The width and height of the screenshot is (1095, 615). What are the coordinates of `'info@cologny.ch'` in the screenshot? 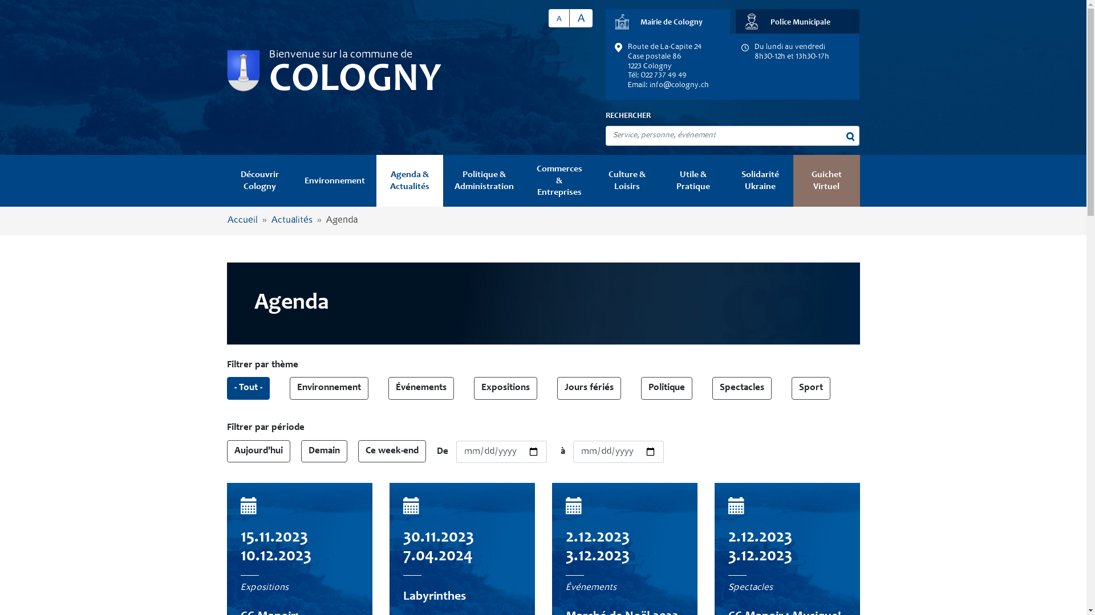 It's located at (679, 85).